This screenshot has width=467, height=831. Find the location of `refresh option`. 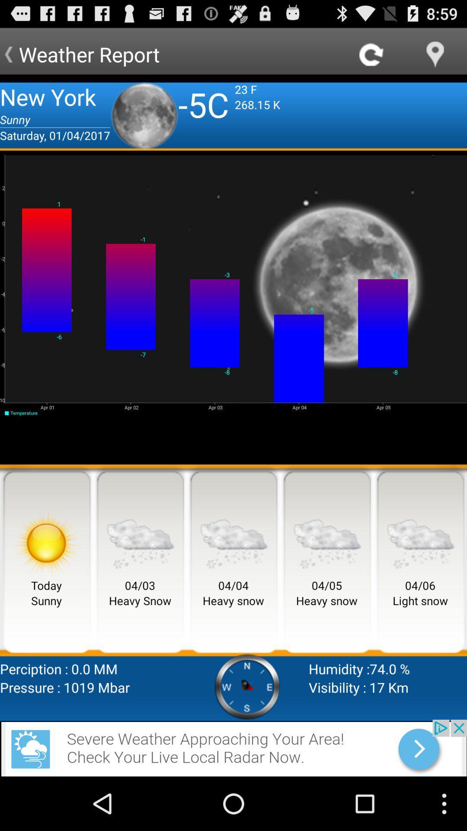

refresh option is located at coordinates (371, 54).